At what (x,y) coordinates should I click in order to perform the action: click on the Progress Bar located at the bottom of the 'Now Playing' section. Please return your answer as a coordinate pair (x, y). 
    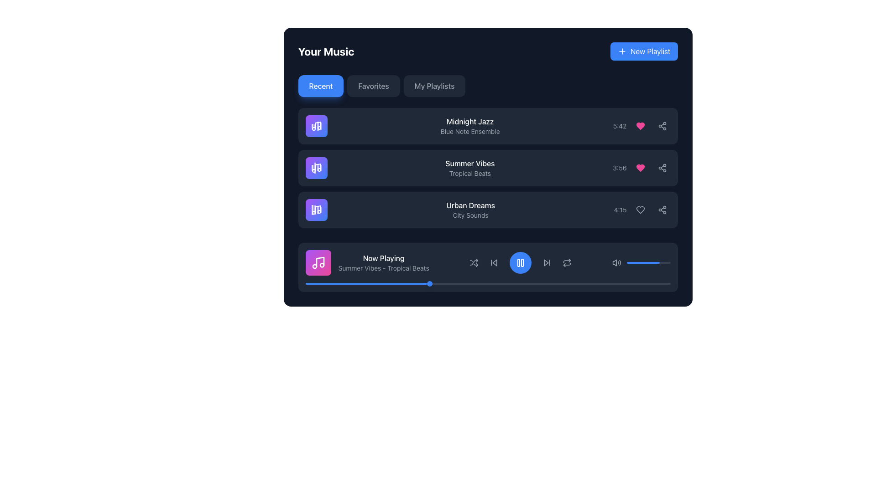
    Looking at the image, I should click on (487, 283).